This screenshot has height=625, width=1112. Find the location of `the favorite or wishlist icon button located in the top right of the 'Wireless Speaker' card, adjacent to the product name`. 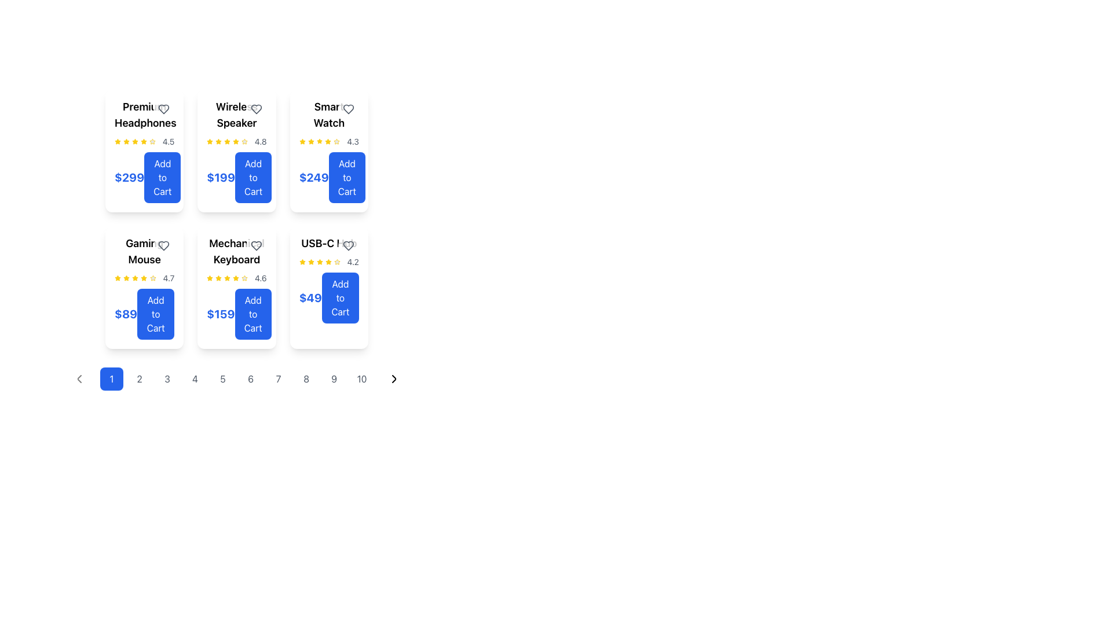

the favorite or wishlist icon button located in the top right of the 'Wireless Speaker' card, adjacent to the product name is located at coordinates (255, 109).